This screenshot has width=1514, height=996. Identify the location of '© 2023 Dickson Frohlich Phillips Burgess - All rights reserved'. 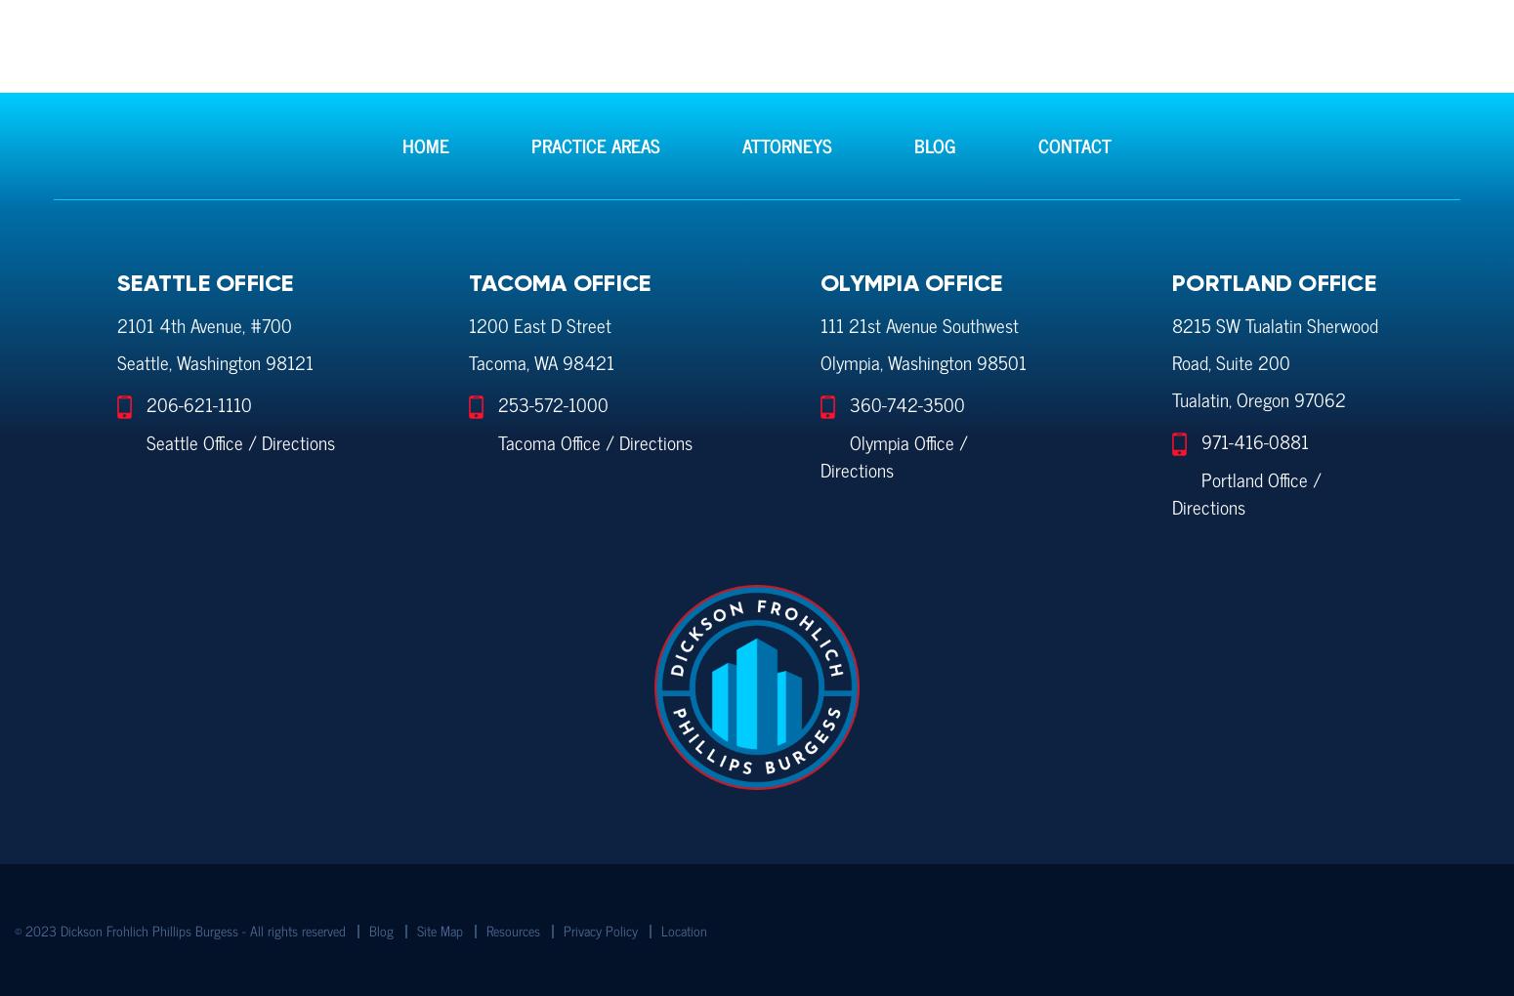
(179, 929).